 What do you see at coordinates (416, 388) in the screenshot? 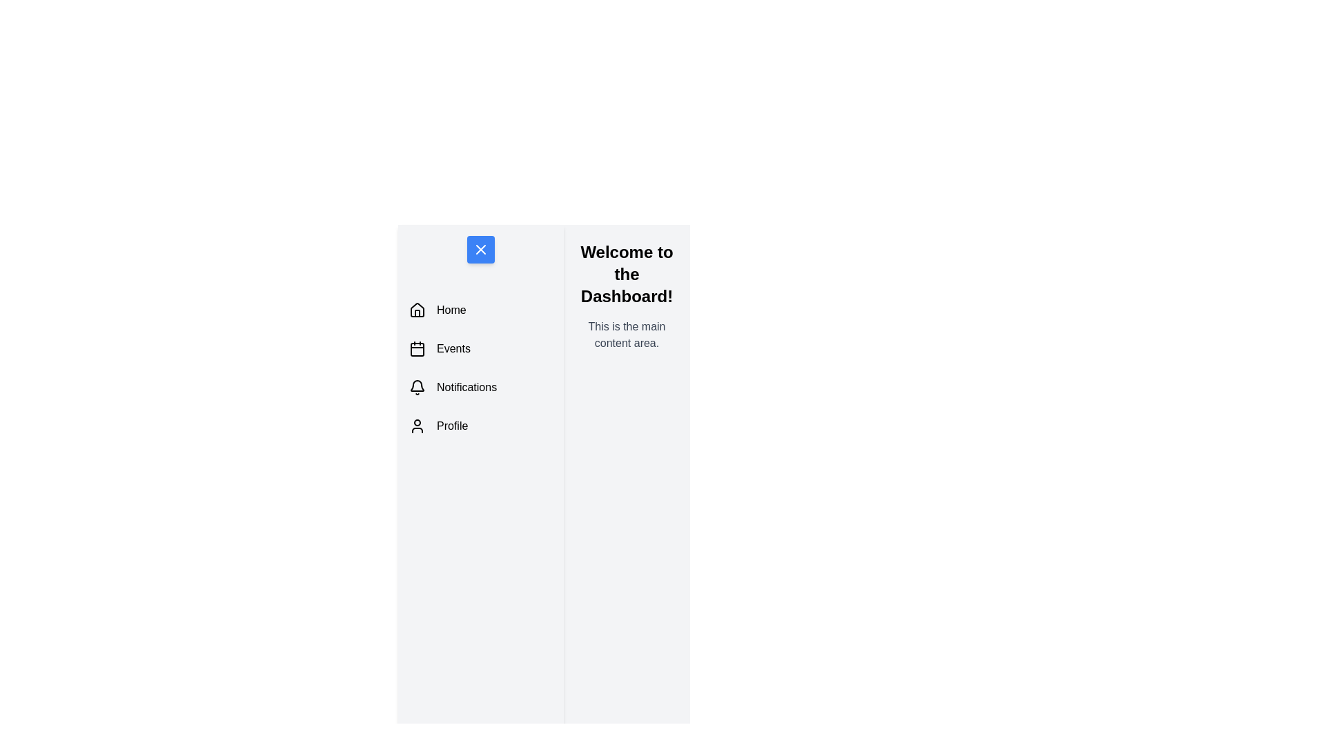
I see `the notification icon located to the left of the 'Notifications' text in the vertical navigation menu` at bounding box center [416, 388].